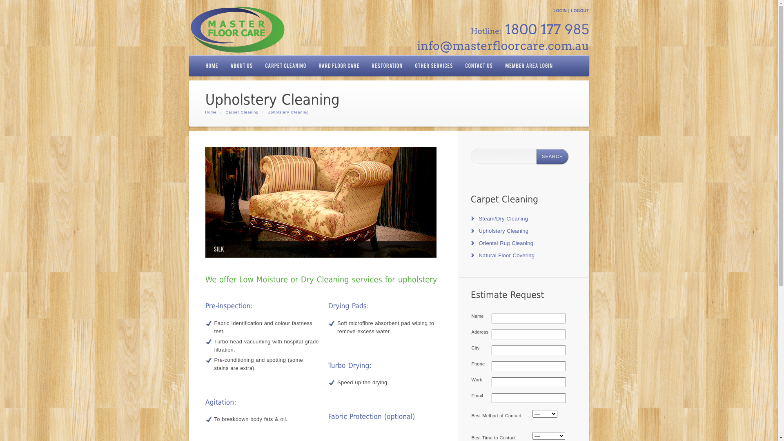 The image size is (784, 441). I want to click on 'Oriental Rug Cleaning', so click(505, 243).